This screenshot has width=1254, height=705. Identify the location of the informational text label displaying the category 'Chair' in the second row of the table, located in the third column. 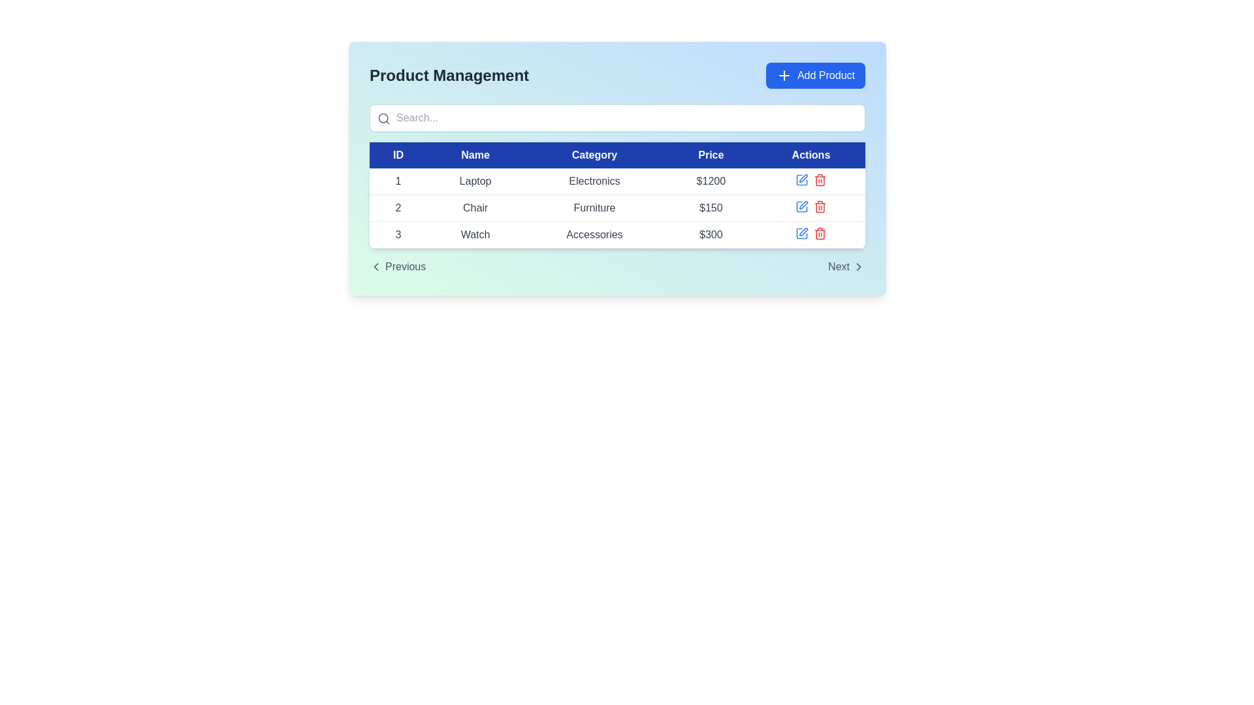
(594, 208).